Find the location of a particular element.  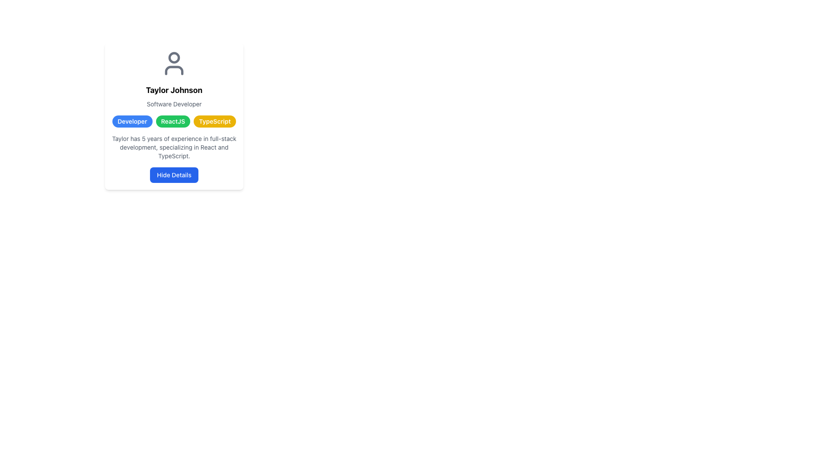

the content of the TypeScript badge, which is the third badge in the sequence beneath the title 'Taylor Johnson' and 'Software Developer.' is located at coordinates (215, 122).